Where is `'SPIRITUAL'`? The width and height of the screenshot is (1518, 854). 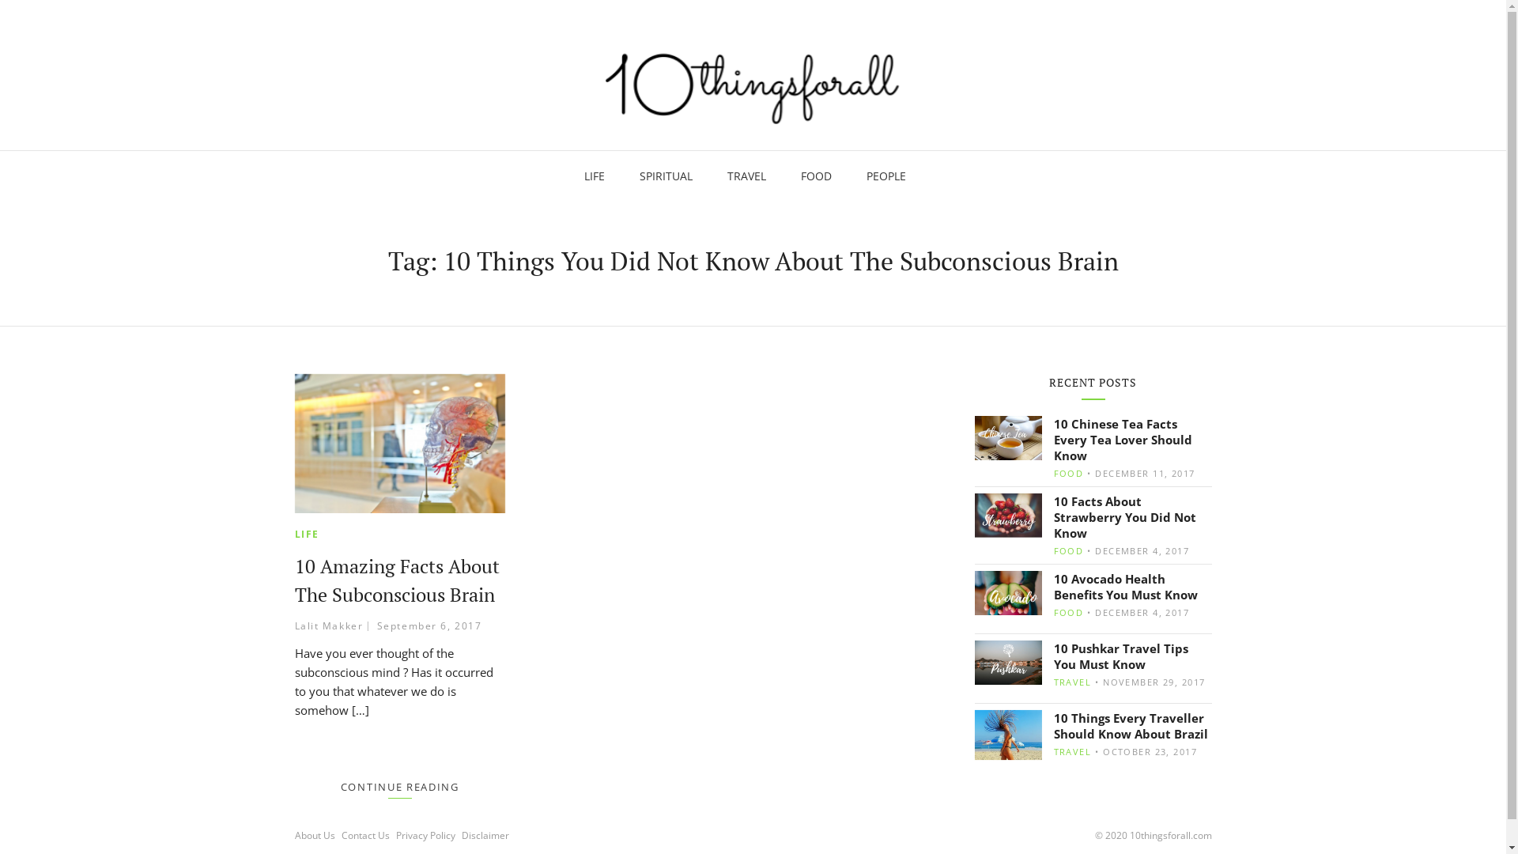
'SPIRITUAL' is located at coordinates (666, 173).